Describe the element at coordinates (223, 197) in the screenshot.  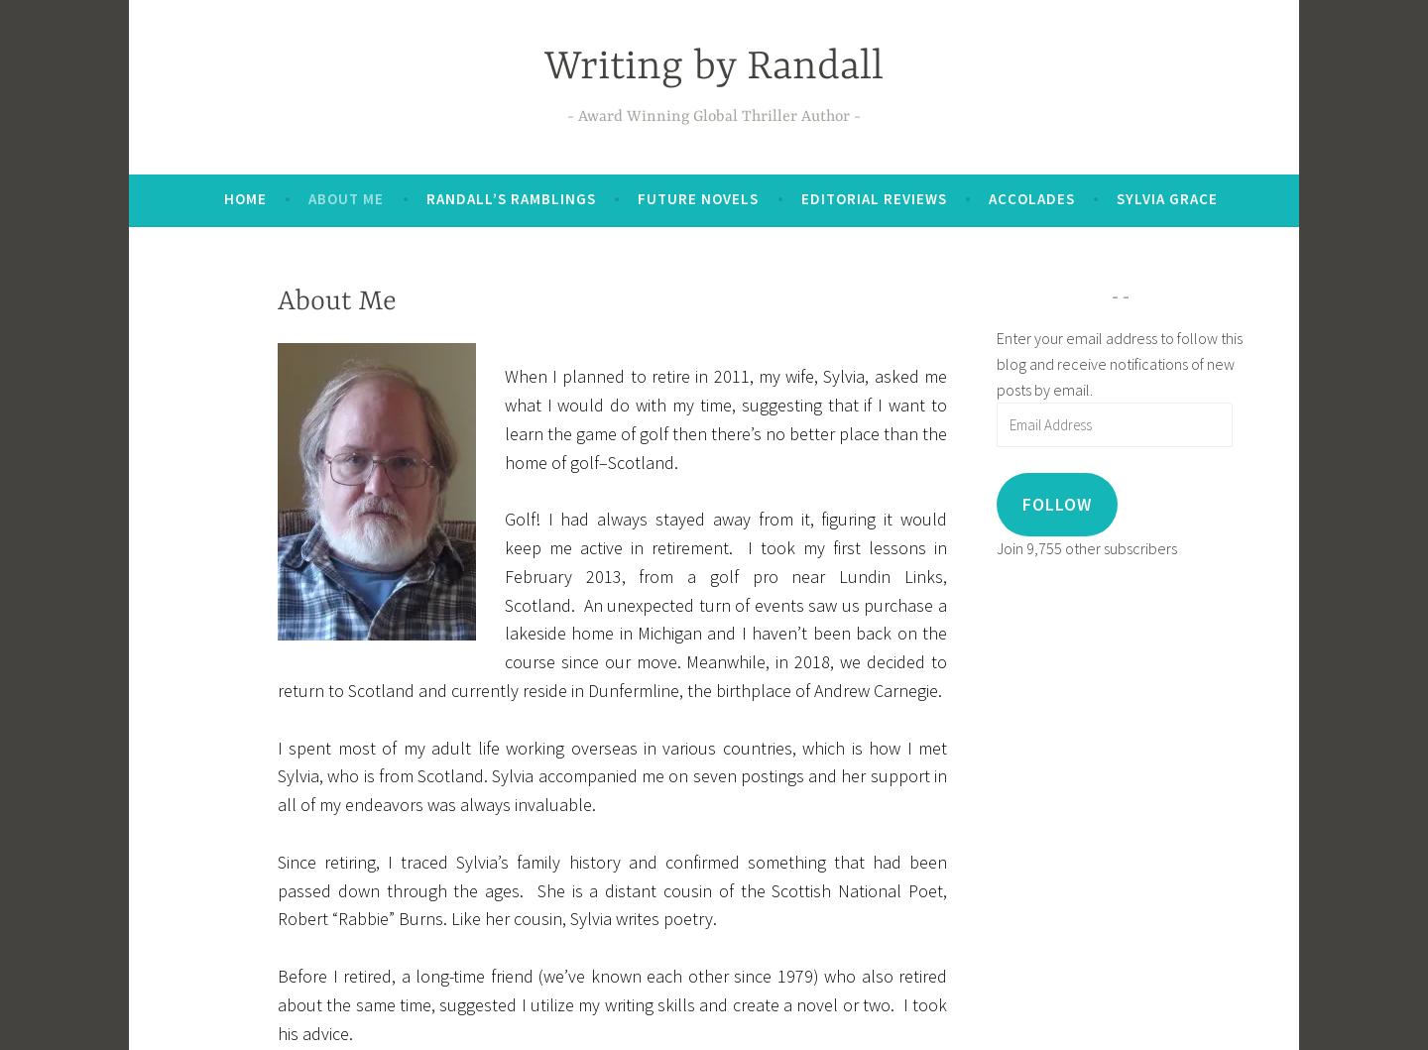
I see `'Home'` at that location.